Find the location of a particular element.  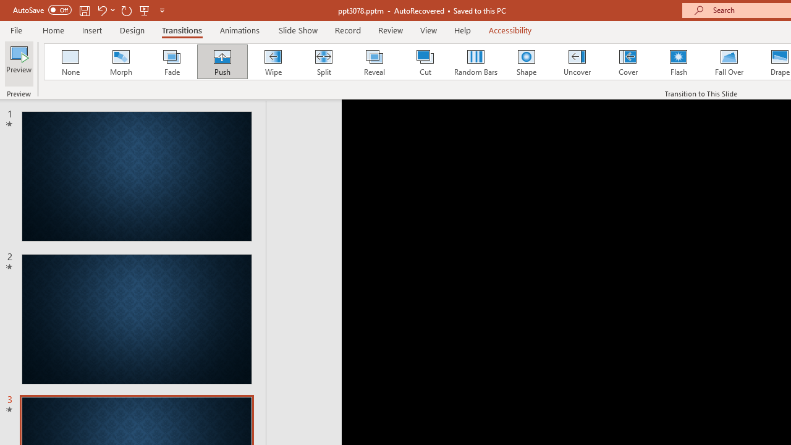

'Push' is located at coordinates (222, 62).